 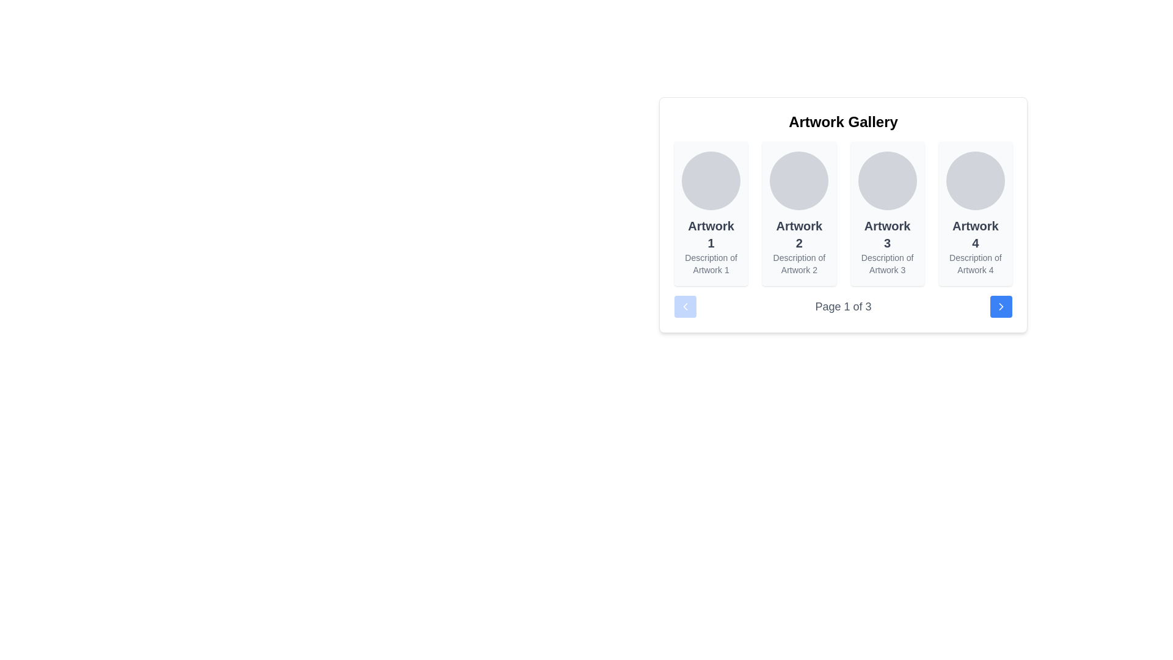 What do you see at coordinates (799, 181) in the screenshot?
I see `the circular decorative graphical element styled in pale gray, which is the topmost component in the card labeled 'Artwork 2'` at bounding box center [799, 181].